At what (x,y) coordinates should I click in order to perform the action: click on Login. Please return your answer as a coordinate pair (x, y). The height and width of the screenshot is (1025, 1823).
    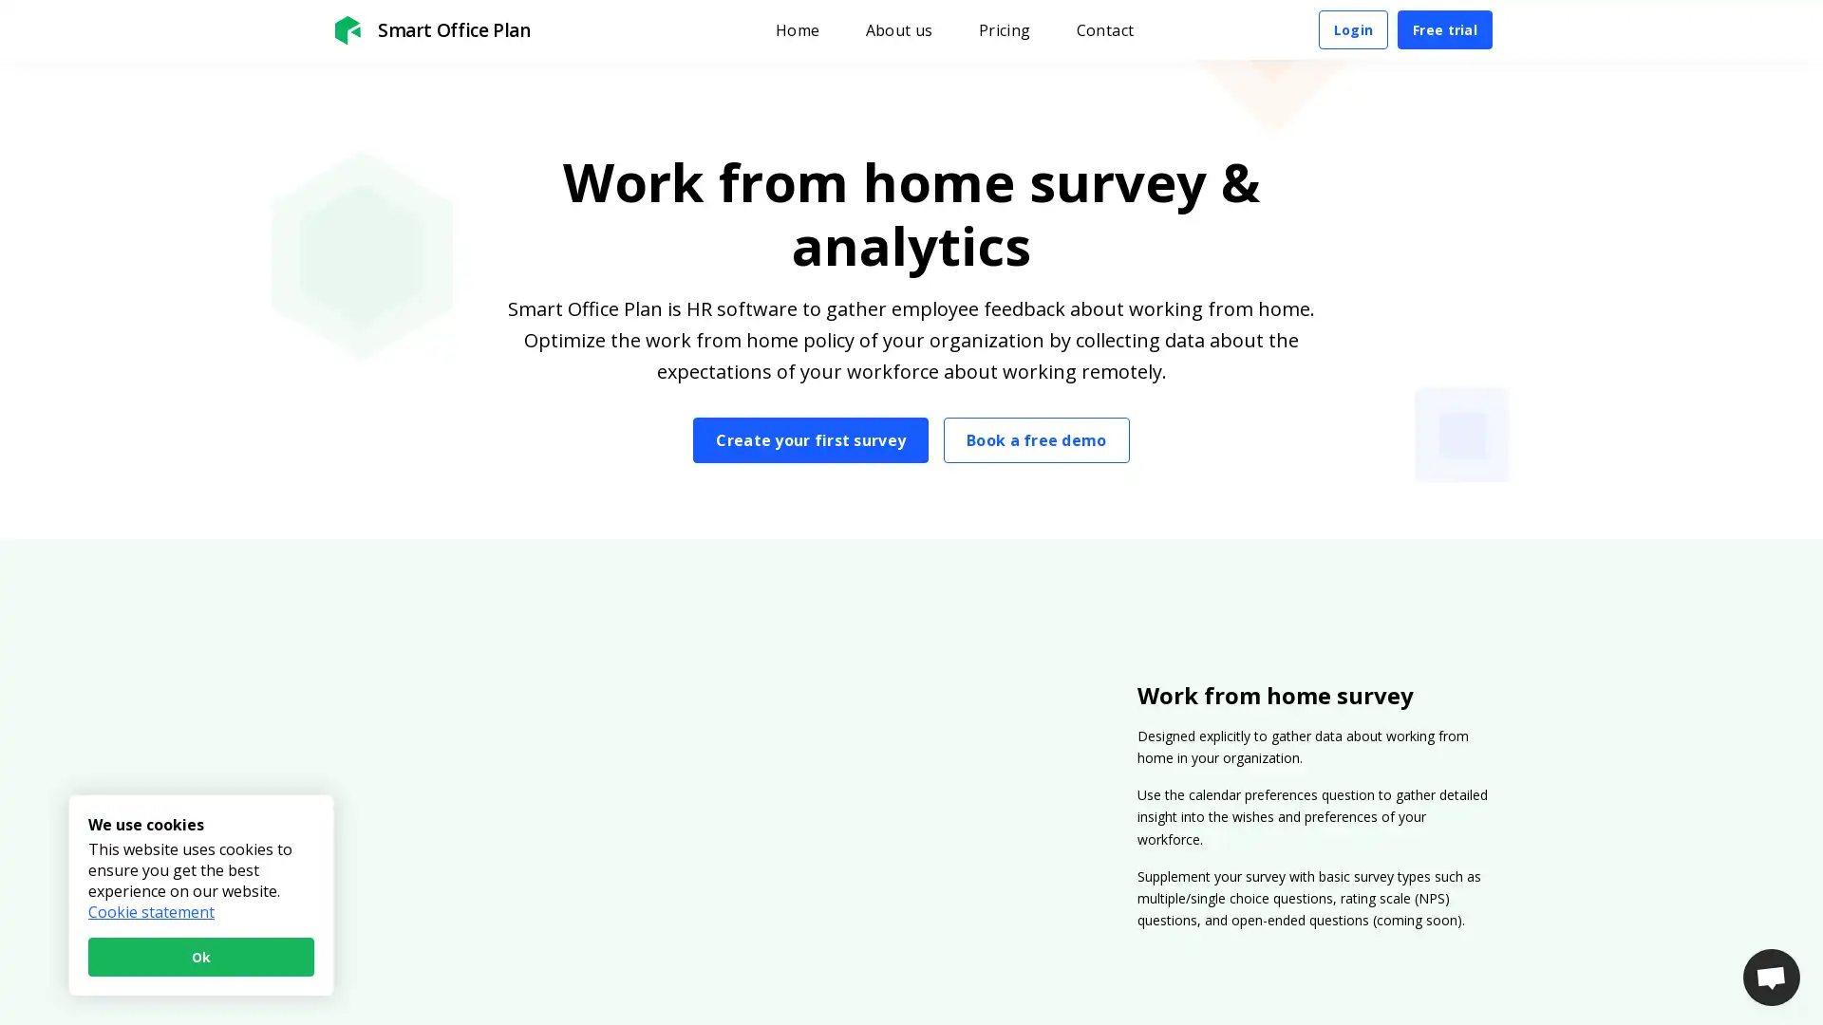
    Looking at the image, I should click on (1352, 29).